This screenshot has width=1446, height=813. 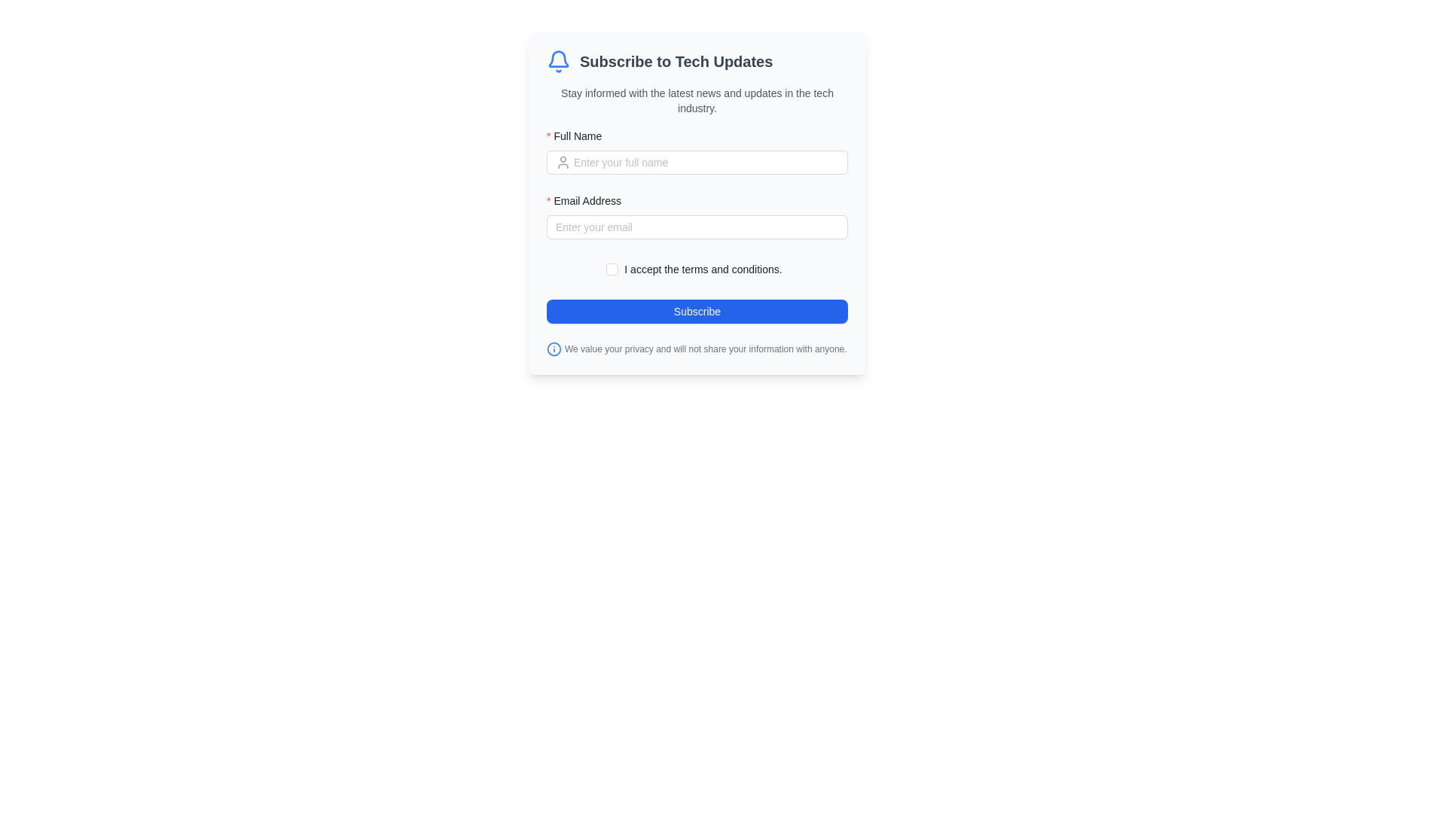 What do you see at coordinates (563, 163) in the screenshot?
I see `the decorative icon located within the 'Full Name' input field on the subscription form, which indicates that the field is for entering user-related information` at bounding box center [563, 163].